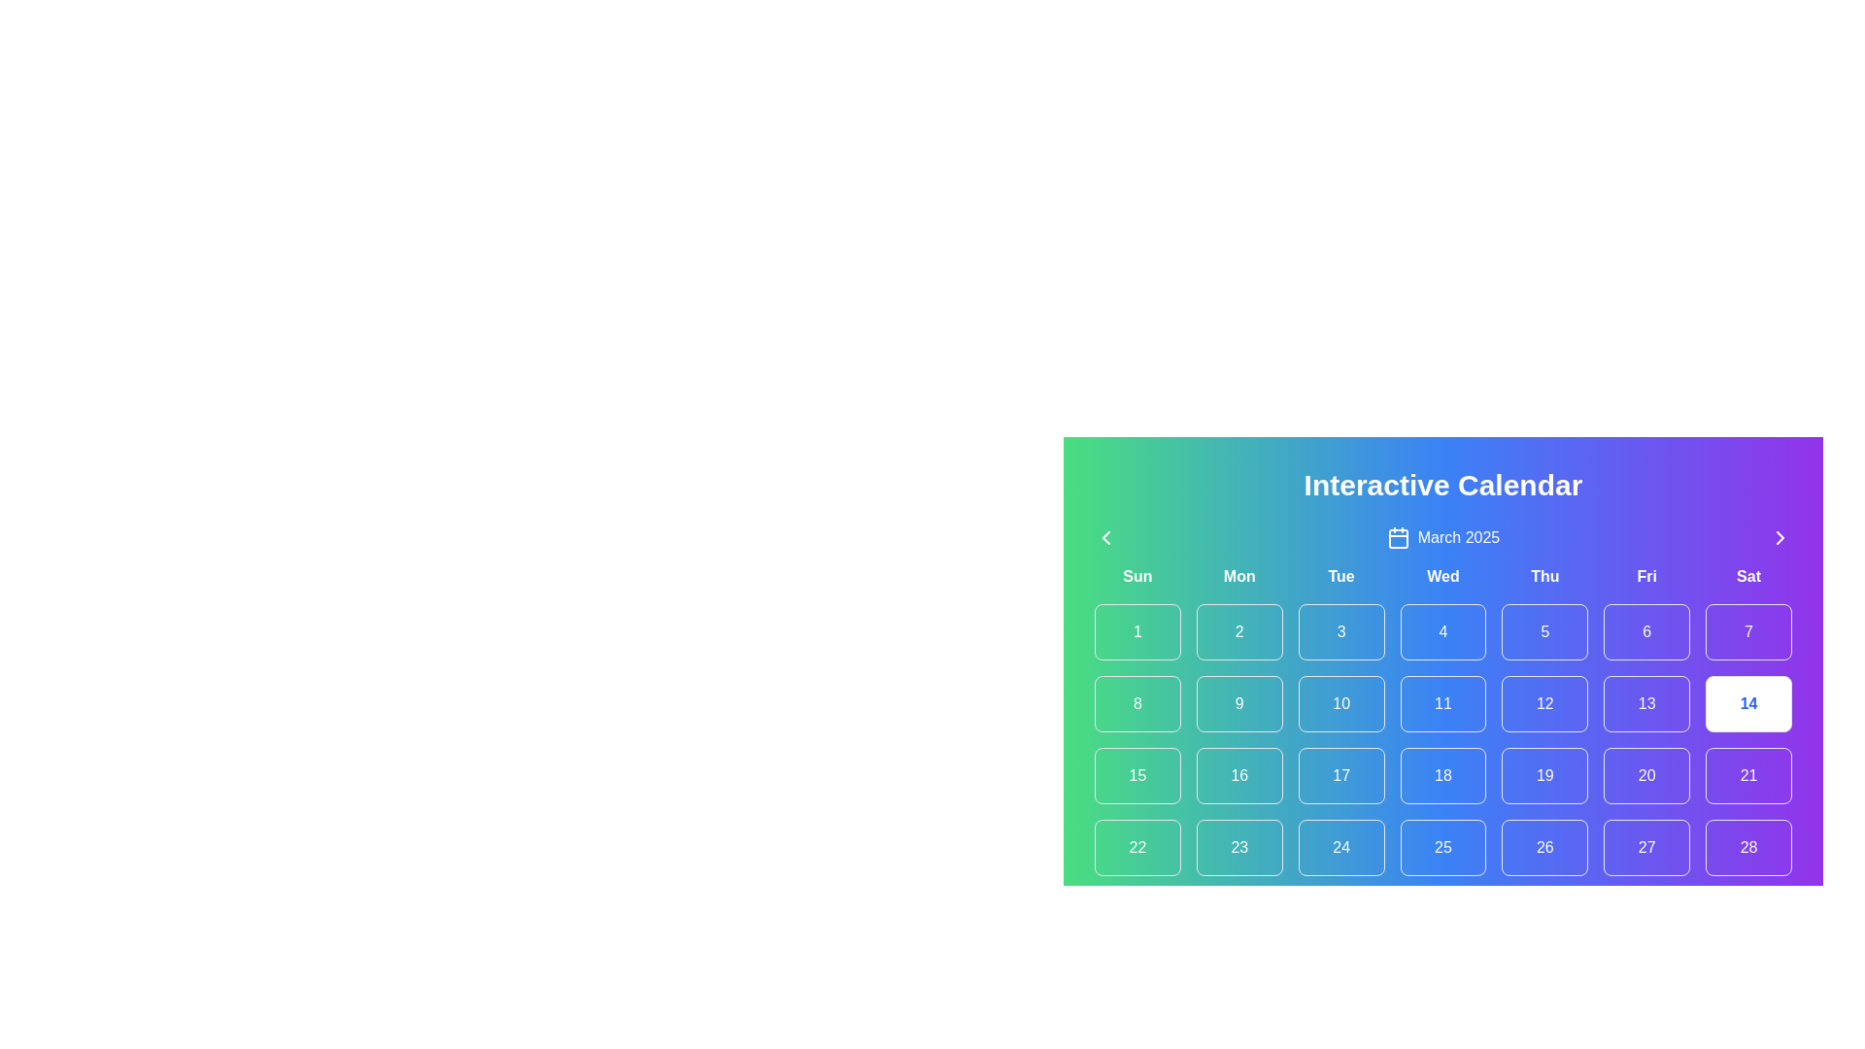 This screenshot has height=1049, width=1865. I want to click on the calendar day button representing the first day of the month, located in the first row and first column of the calendar layout, so click(1137, 632).